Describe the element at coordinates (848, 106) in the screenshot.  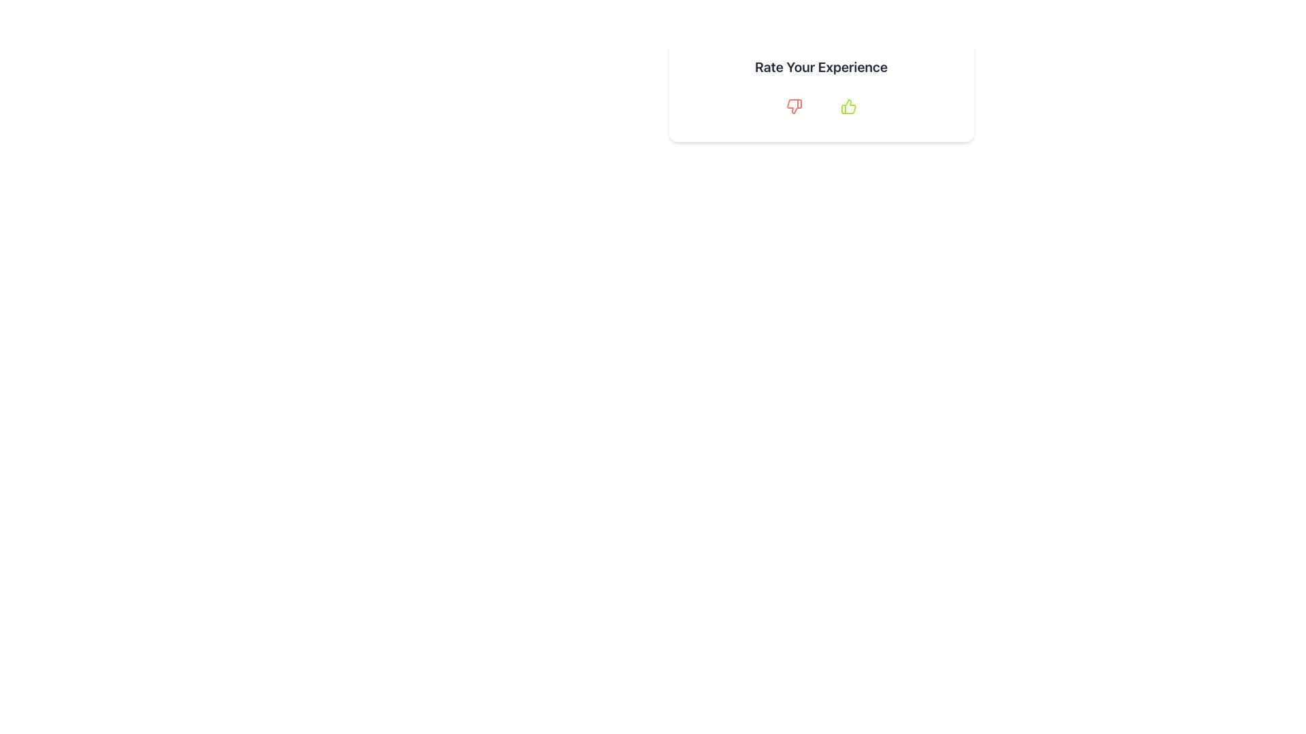
I see `the circular green thumbs-up button located in the 'Rate Your Experience' section to provide positive feedback` at that location.